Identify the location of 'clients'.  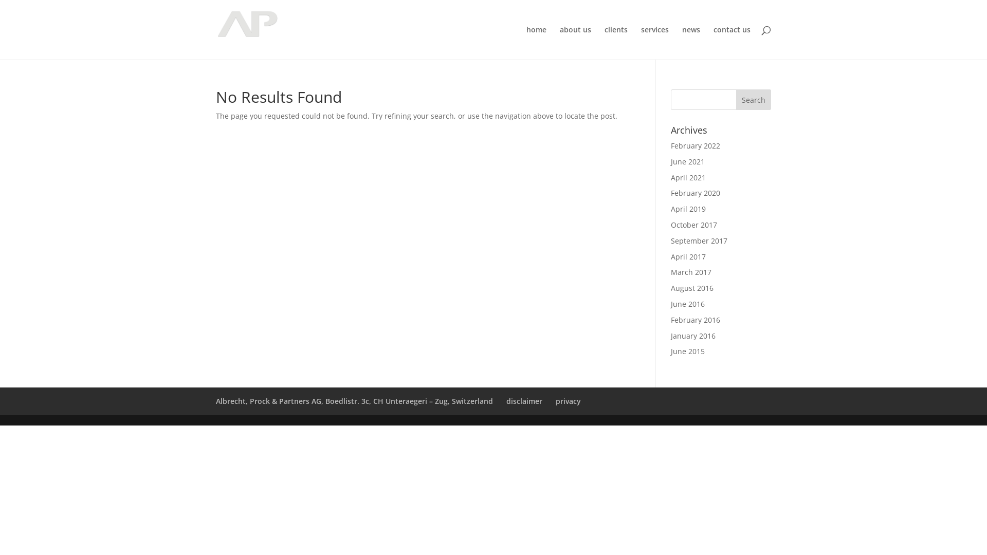
(605, 42).